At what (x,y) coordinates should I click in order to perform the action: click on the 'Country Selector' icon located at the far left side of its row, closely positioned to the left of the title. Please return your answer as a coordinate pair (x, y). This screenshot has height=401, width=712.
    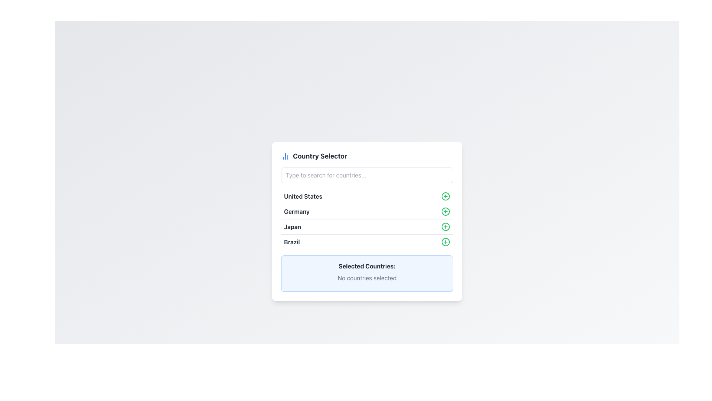
    Looking at the image, I should click on (285, 156).